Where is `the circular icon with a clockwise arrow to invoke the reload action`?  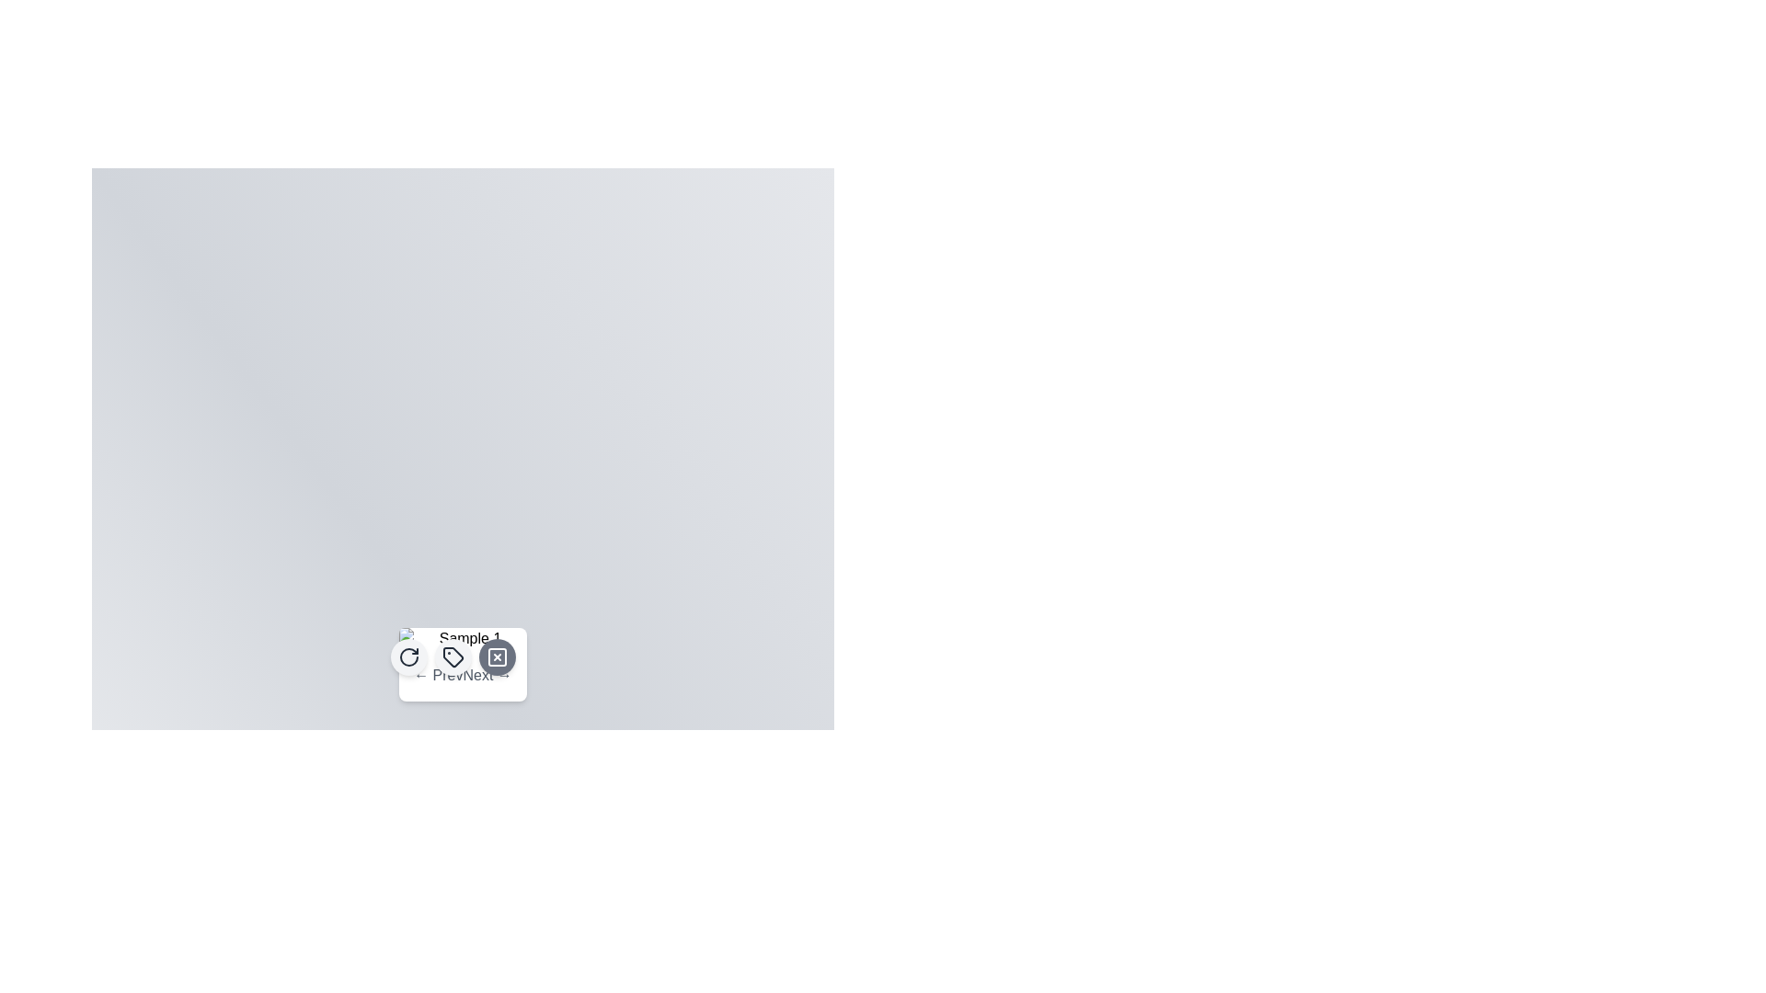
the circular icon with a clockwise arrow to invoke the reload action is located at coordinates (407, 656).